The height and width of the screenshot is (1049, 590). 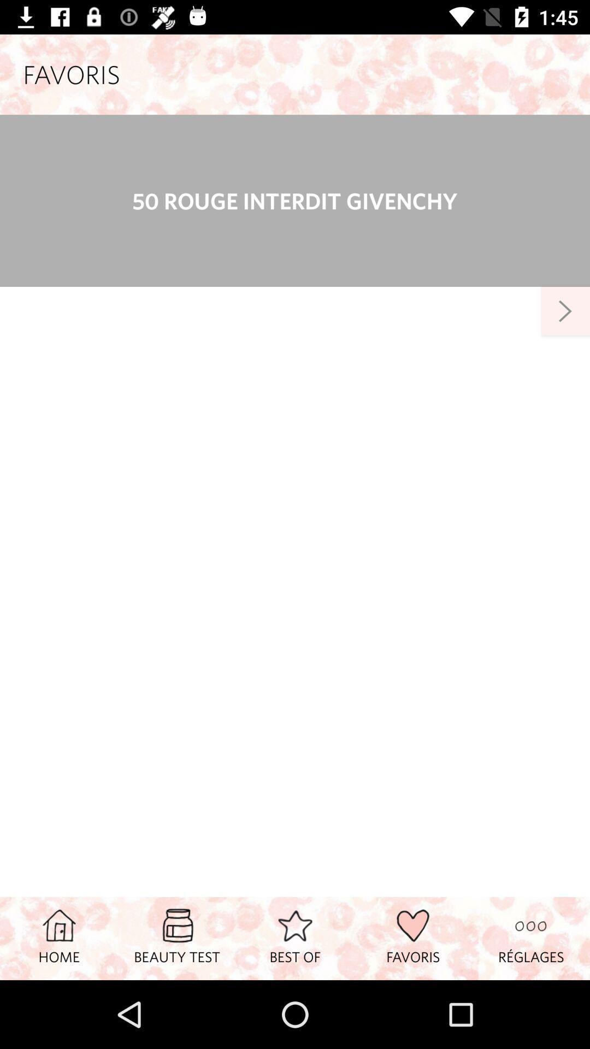 What do you see at coordinates (530, 938) in the screenshot?
I see `the icon next to the favoris icon` at bounding box center [530, 938].